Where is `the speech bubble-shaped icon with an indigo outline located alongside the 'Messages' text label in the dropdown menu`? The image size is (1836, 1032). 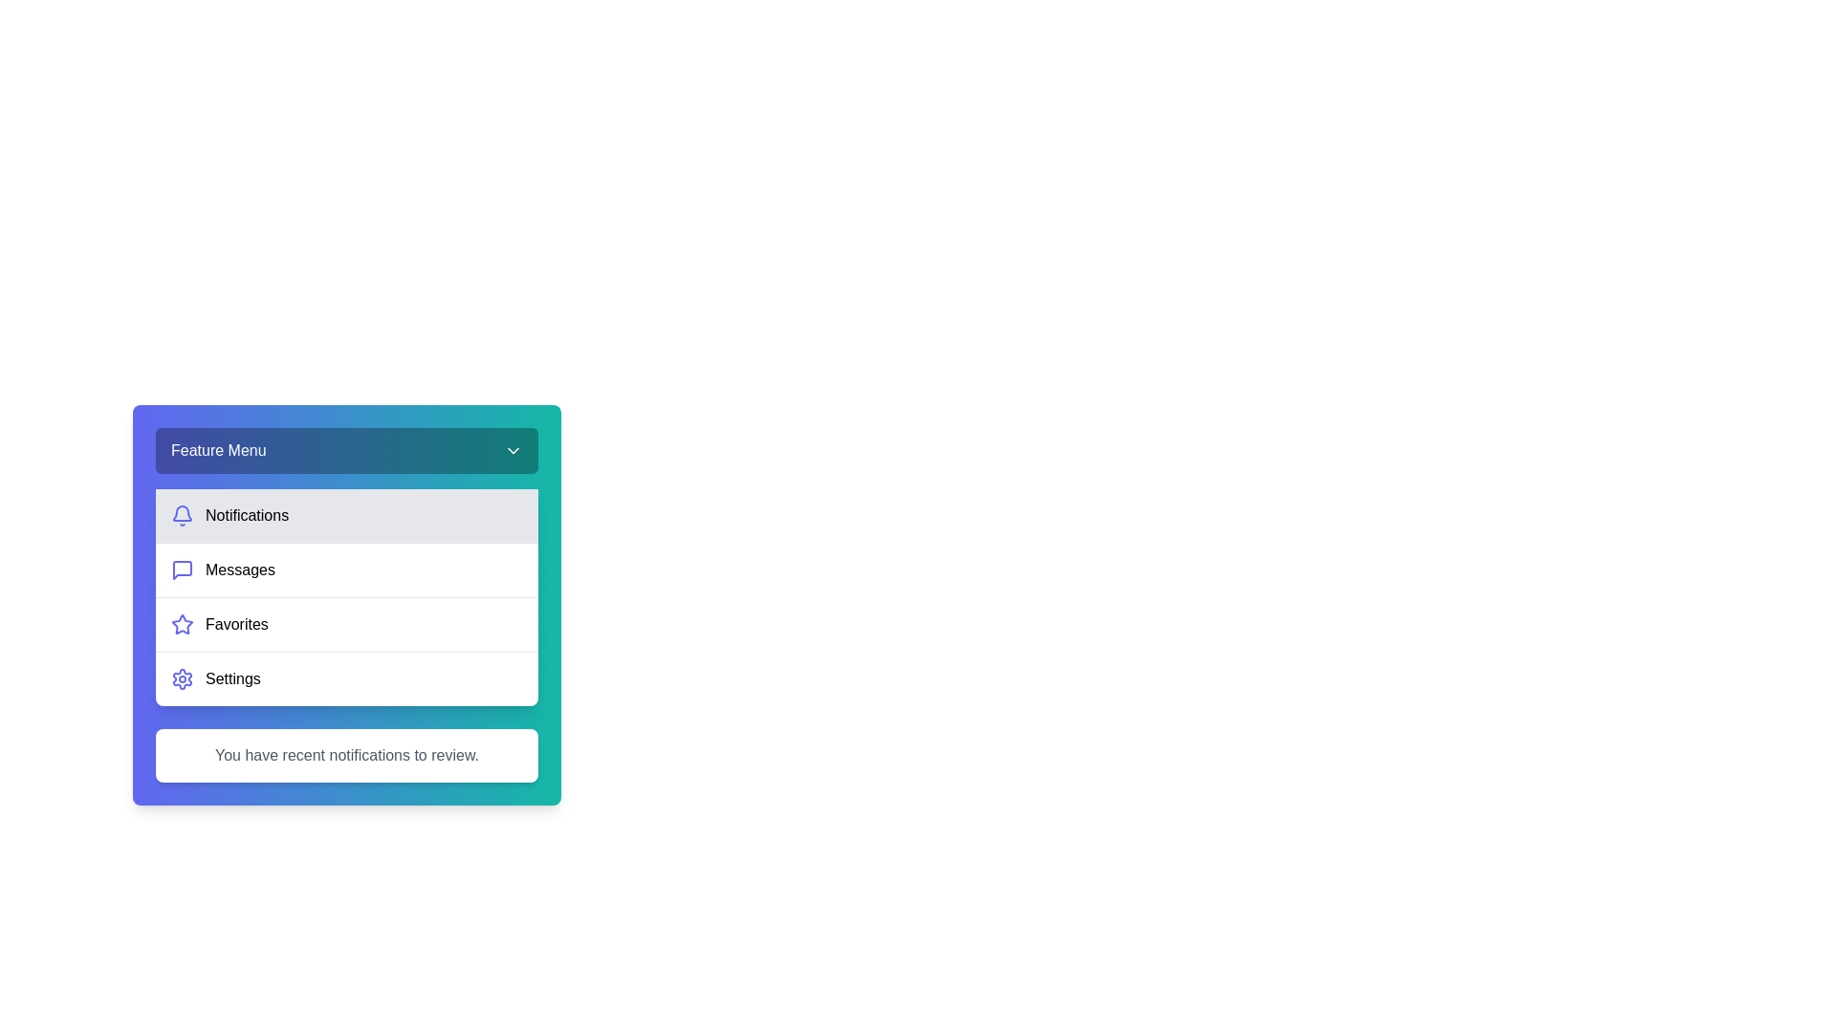 the speech bubble-shaped icon with an indigo outline located alongside the 'Messages' text label in the dropdown menu is located at coordinates (183, 570).